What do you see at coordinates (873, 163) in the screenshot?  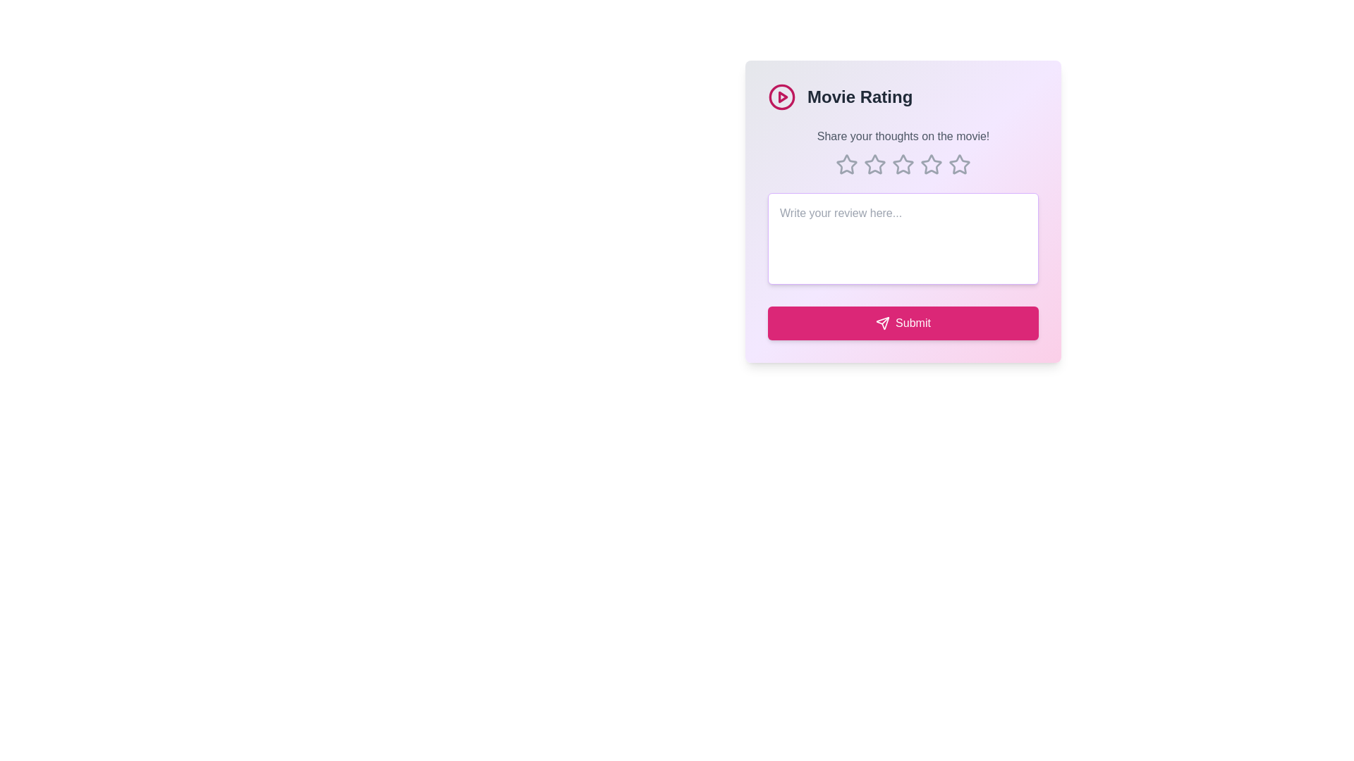 I see `the second star icon from the left` at bounding box center [873, 163].